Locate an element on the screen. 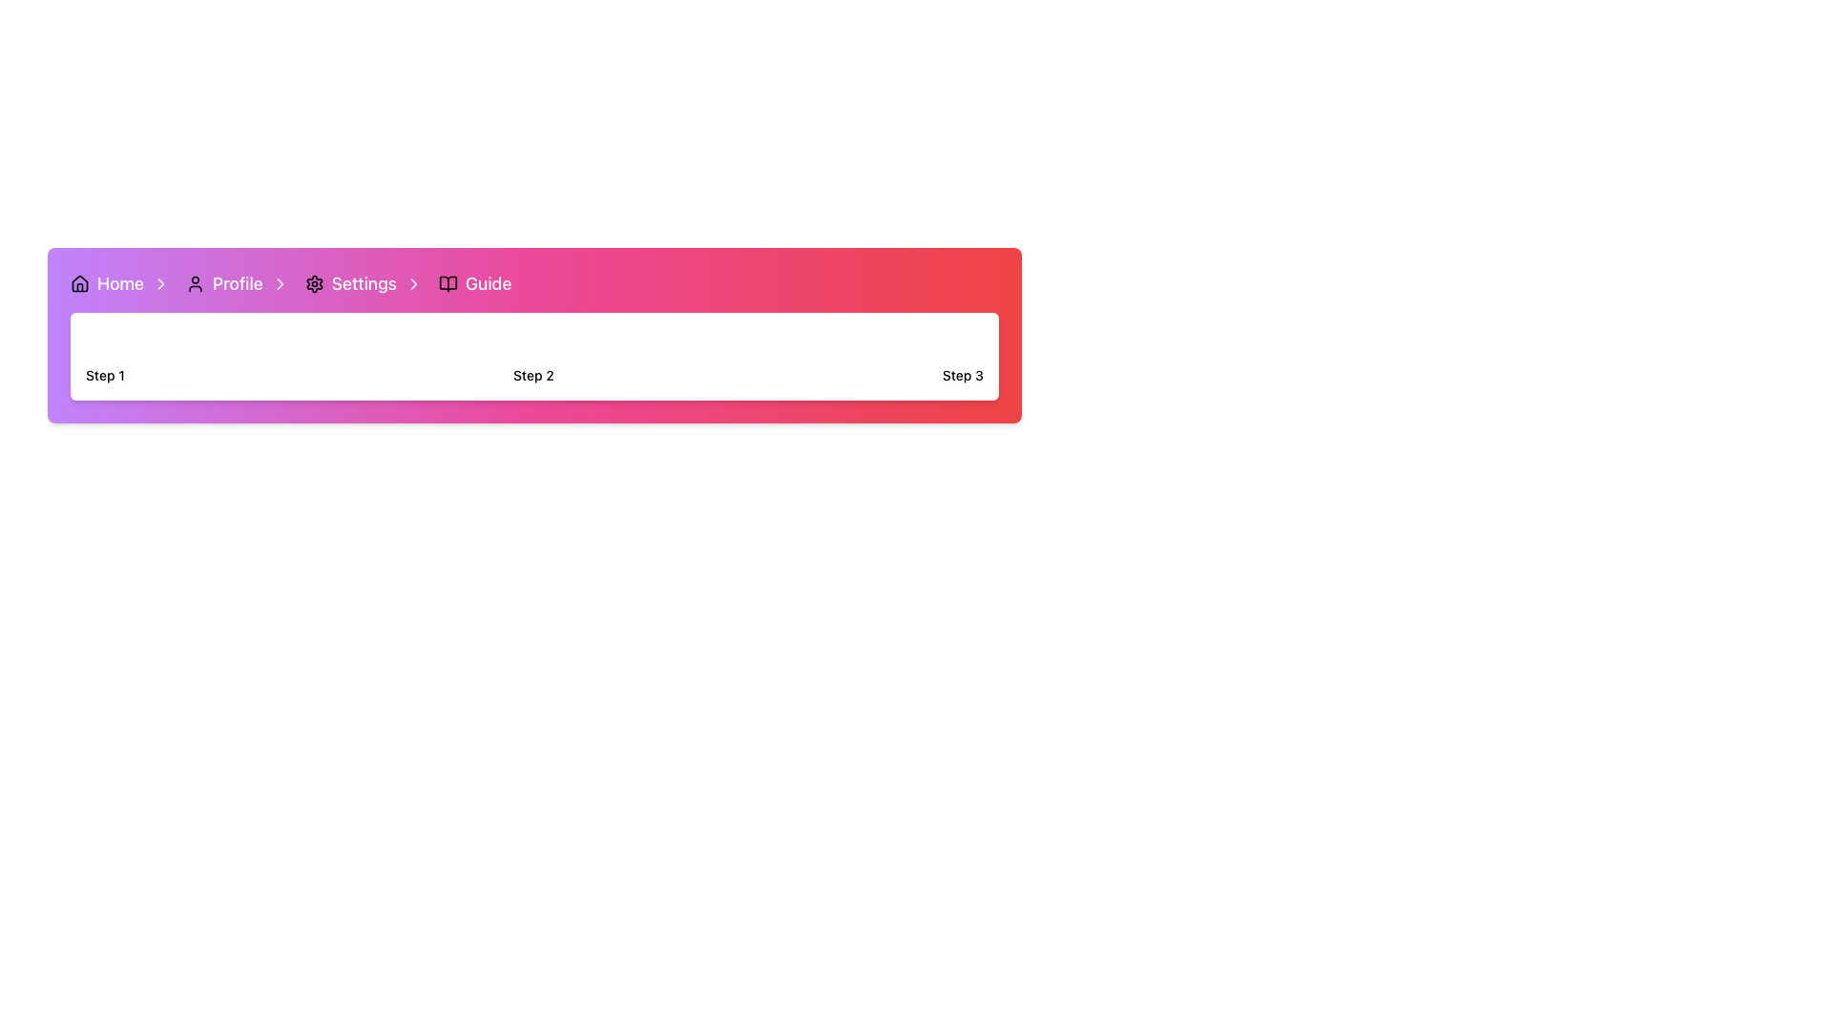  the Breadcrumb component located at the top of the widget is located at coordinates (534, 283).